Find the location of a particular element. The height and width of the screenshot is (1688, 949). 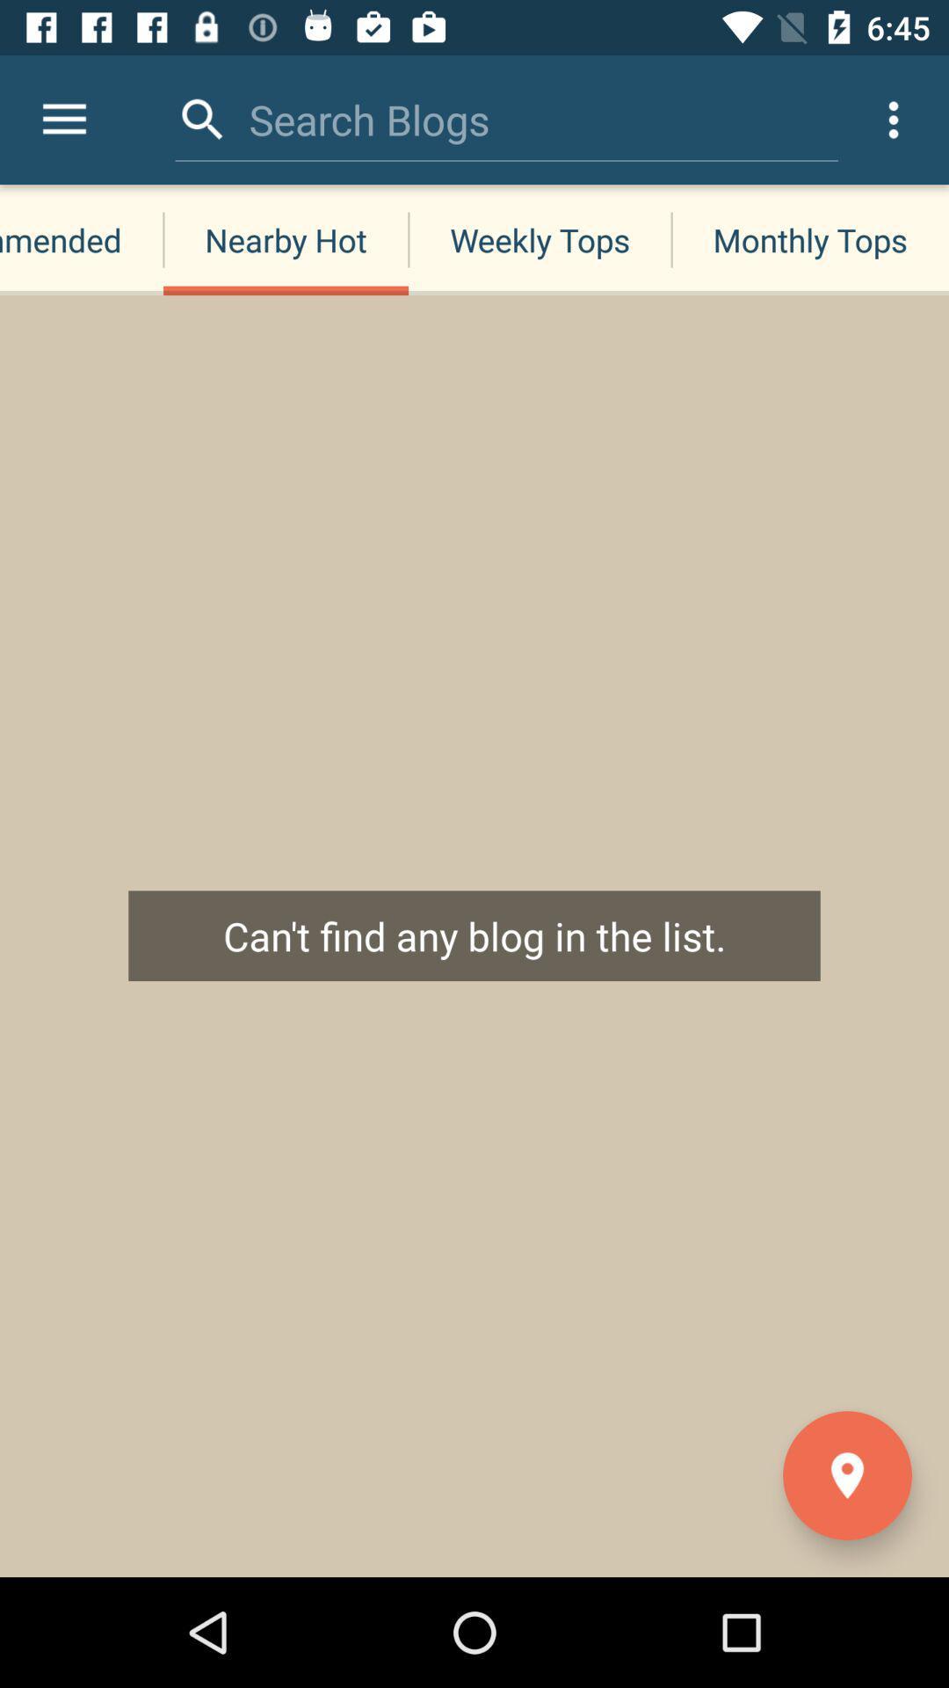

the icon to the left of the monthly tops item is located at coordinates (368, 119).